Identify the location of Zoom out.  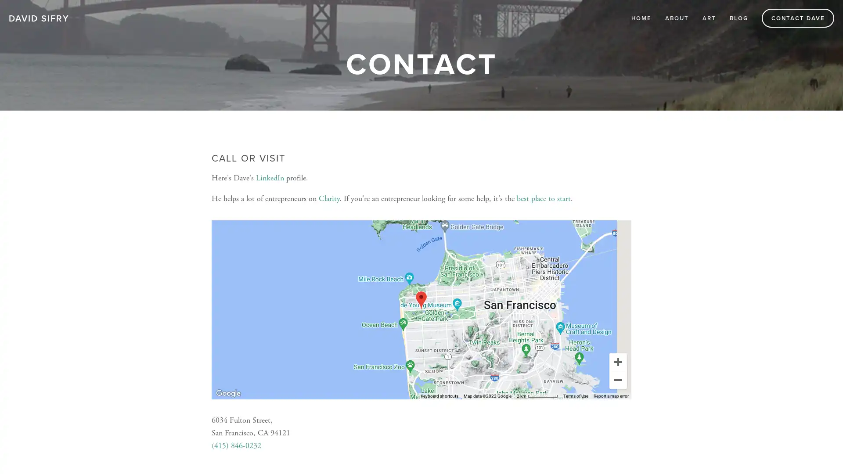
(617, 379).